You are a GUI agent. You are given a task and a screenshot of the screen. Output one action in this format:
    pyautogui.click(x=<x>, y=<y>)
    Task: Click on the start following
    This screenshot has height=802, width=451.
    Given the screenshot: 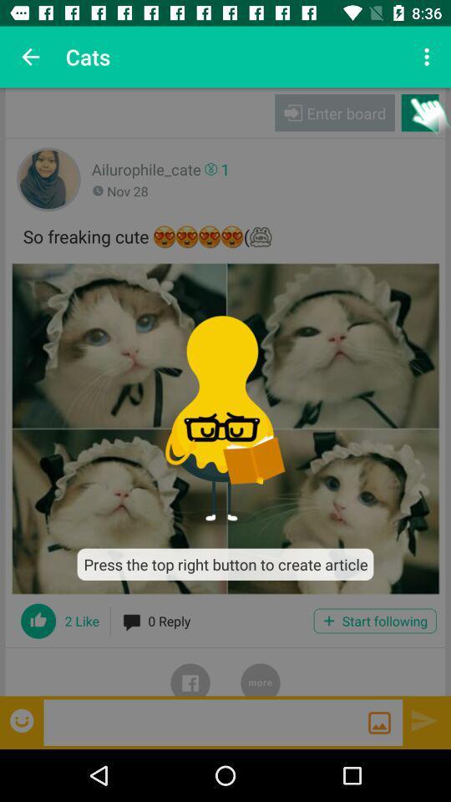 What is the action you would take?
    pyautogui.click(x=375, y=620)
    